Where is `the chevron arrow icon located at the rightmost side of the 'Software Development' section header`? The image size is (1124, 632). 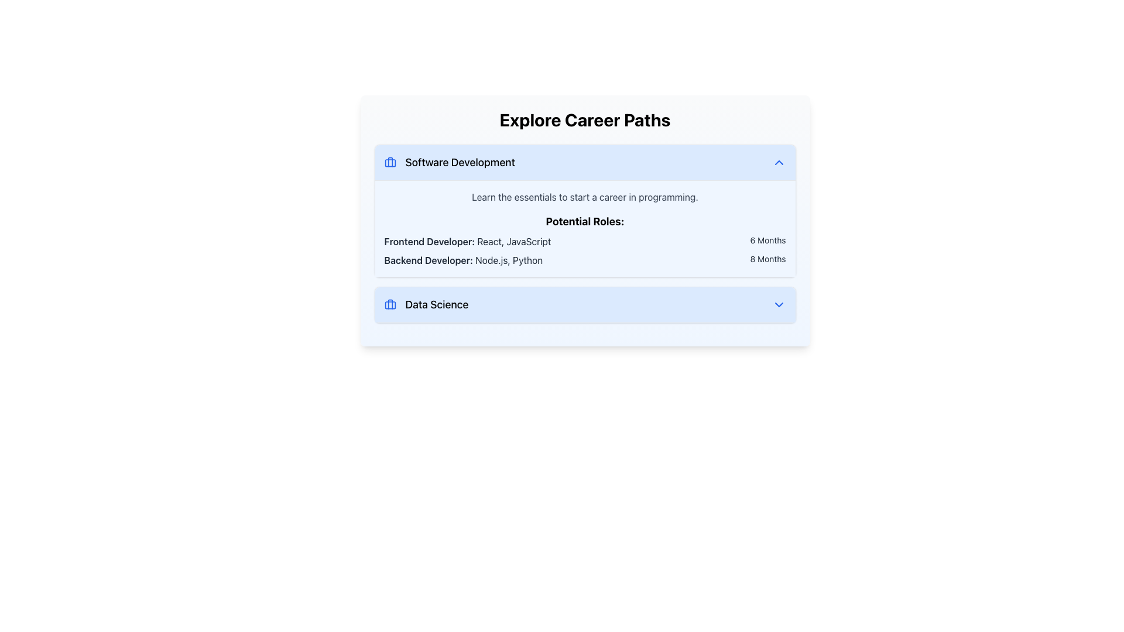
the chevron arrow icon located at the rightmost side of the 'Software Development' section header is located at coordinates (779, 162).